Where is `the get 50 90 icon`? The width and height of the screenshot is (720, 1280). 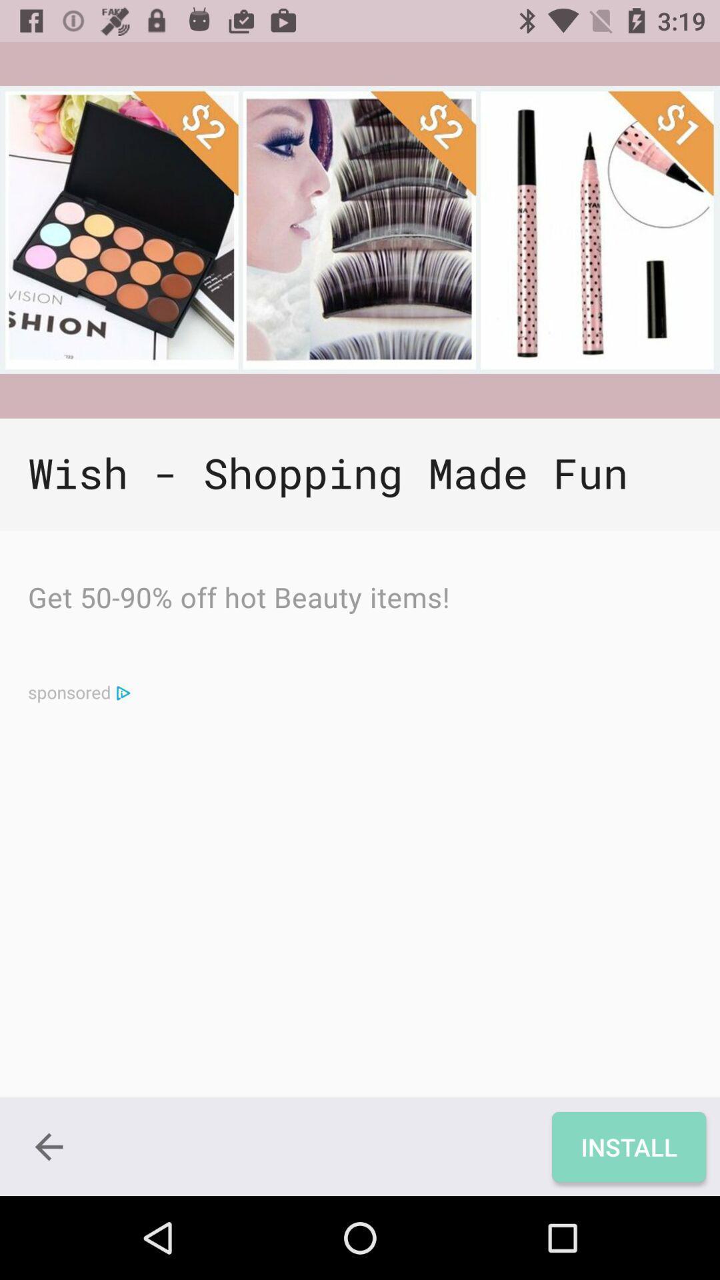 the get 50 90 icon is located at coordinates (238, 600).